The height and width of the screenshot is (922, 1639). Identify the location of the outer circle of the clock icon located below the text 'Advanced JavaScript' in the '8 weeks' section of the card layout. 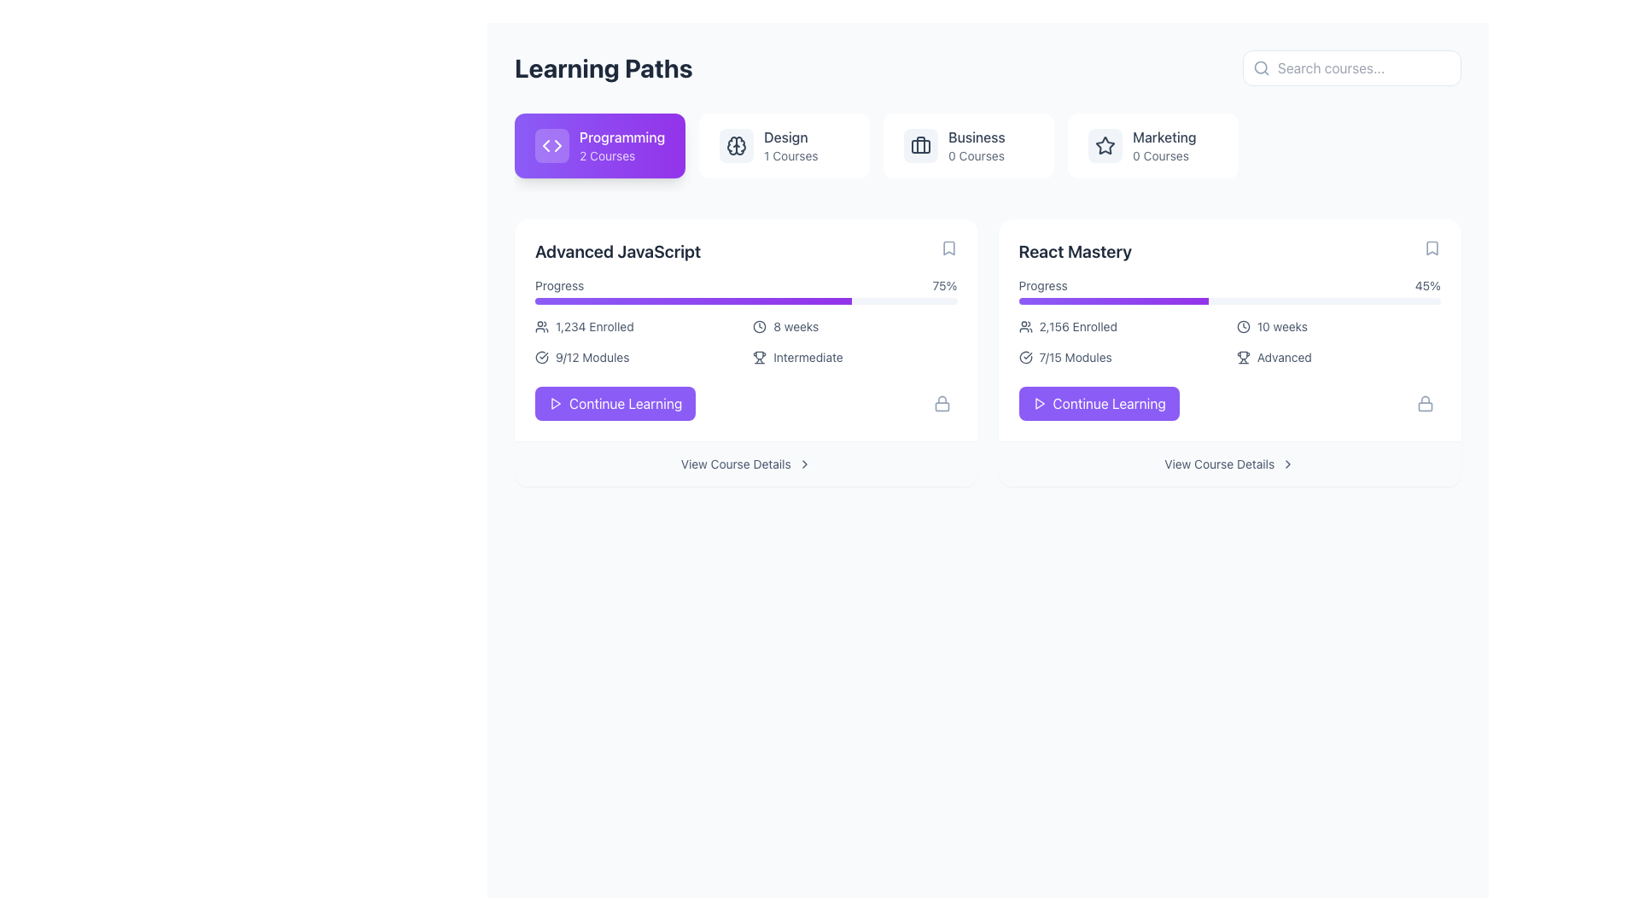
(759, 326).